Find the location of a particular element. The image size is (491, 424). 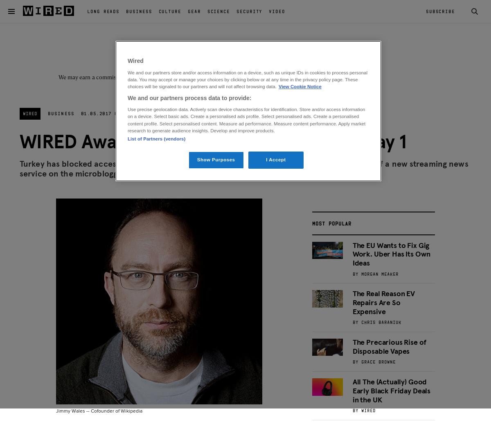

'Video' is located at coordinates (269, 10).